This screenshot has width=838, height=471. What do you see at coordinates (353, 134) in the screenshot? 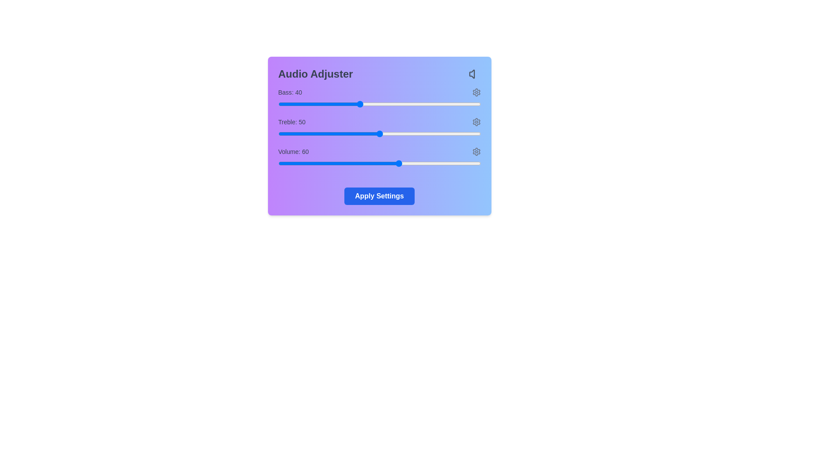
I see `the treble level` at bounding box center [353, 134].